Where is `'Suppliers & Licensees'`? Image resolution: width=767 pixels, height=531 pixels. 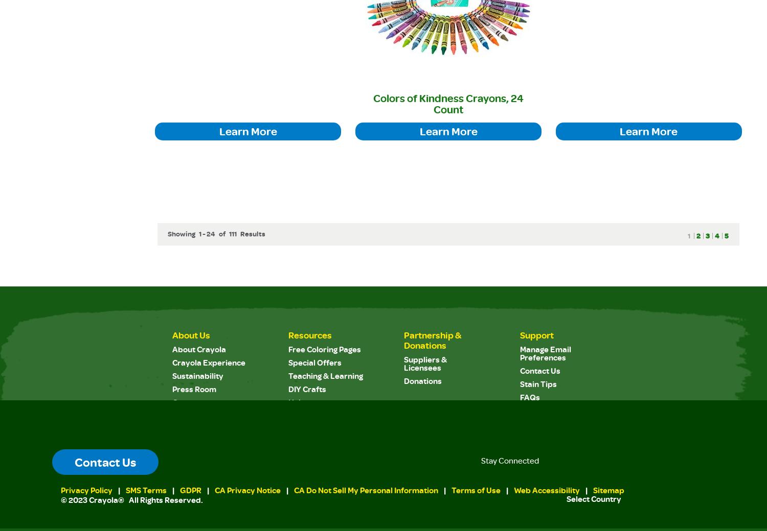
'Suppliers & Licensees' is located at coordinates (425, 363).